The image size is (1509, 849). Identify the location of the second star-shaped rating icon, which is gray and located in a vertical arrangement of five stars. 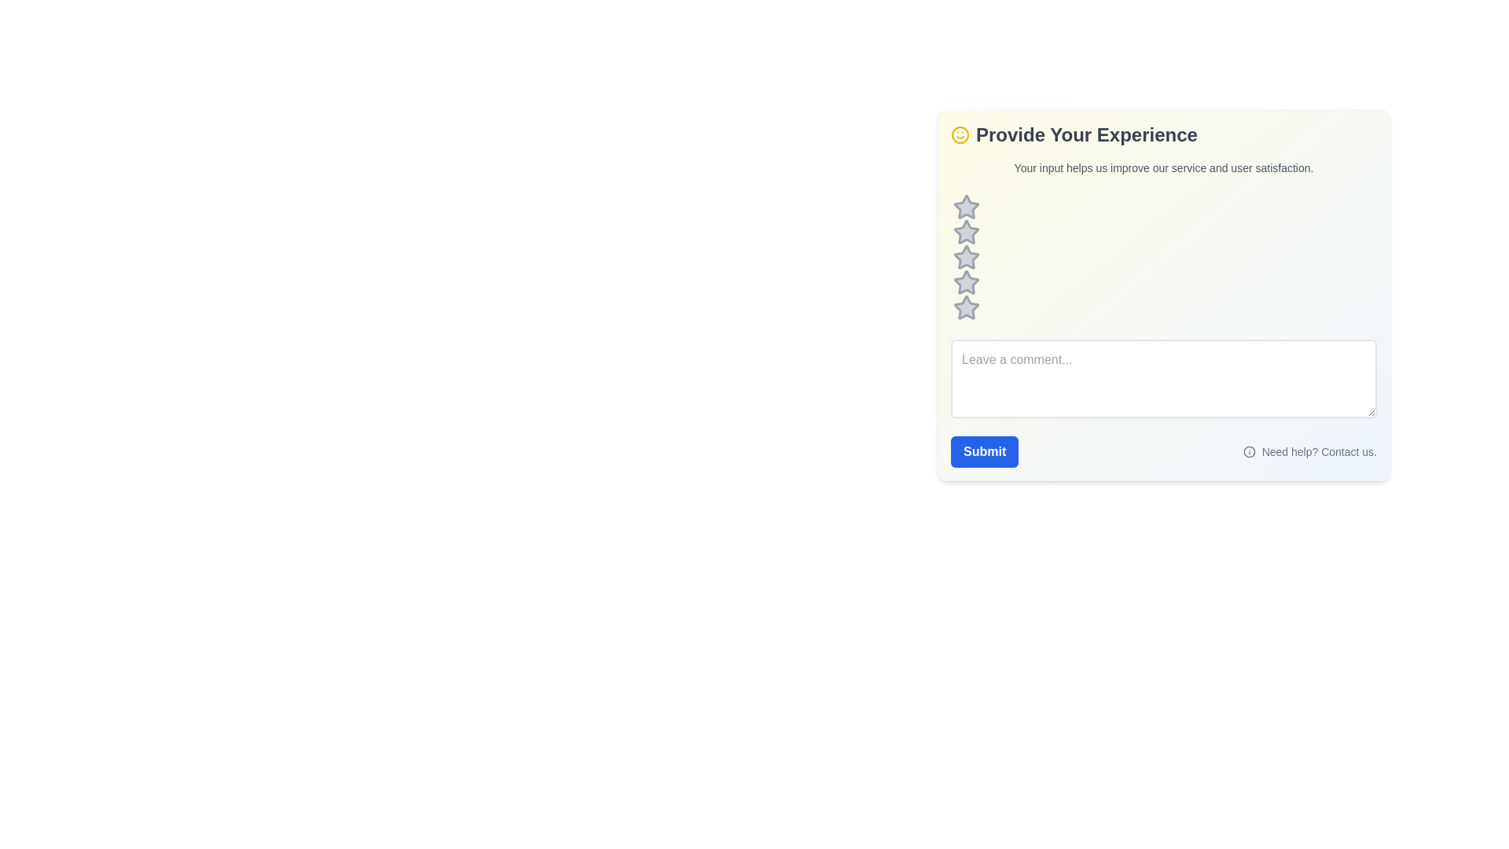
(965, 232).